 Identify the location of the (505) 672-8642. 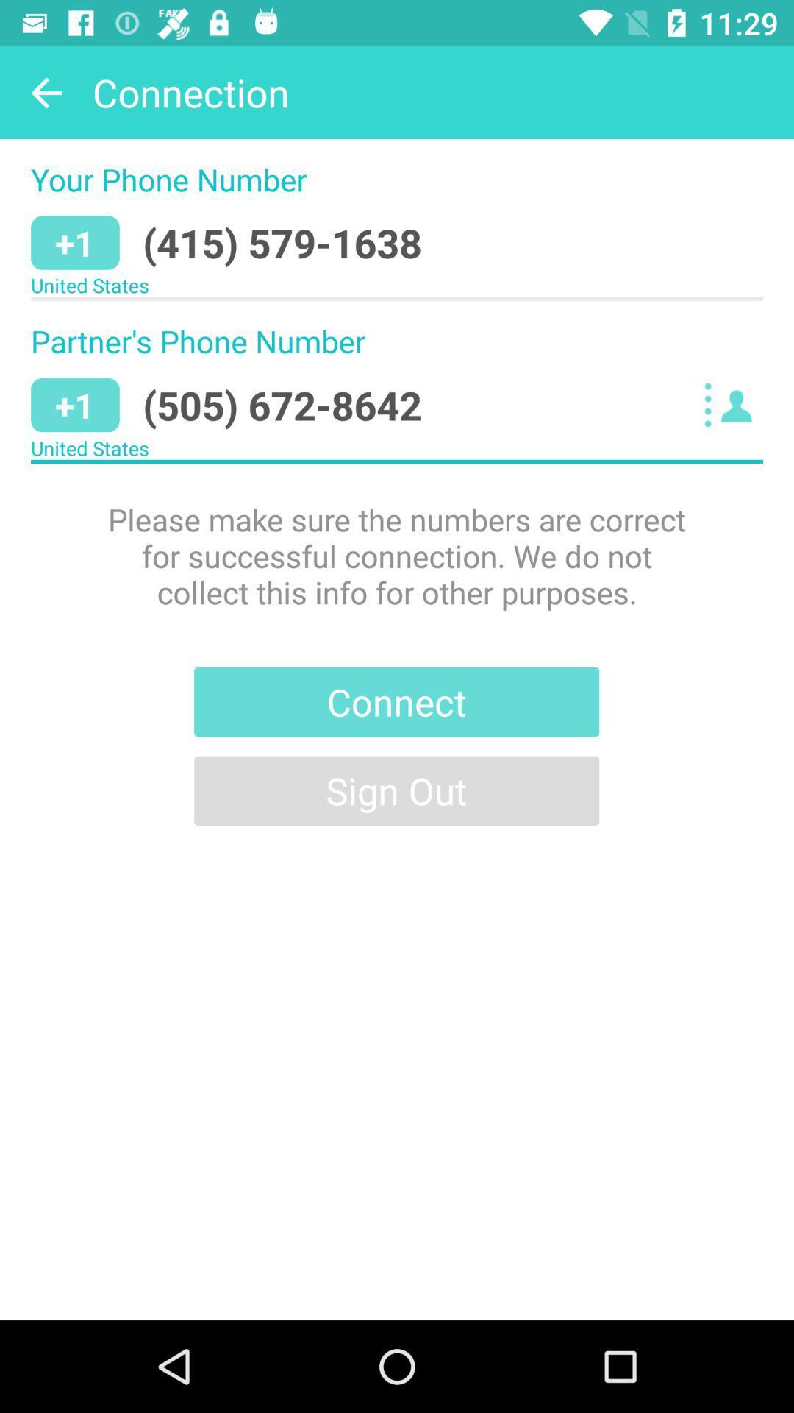
(282, 405).